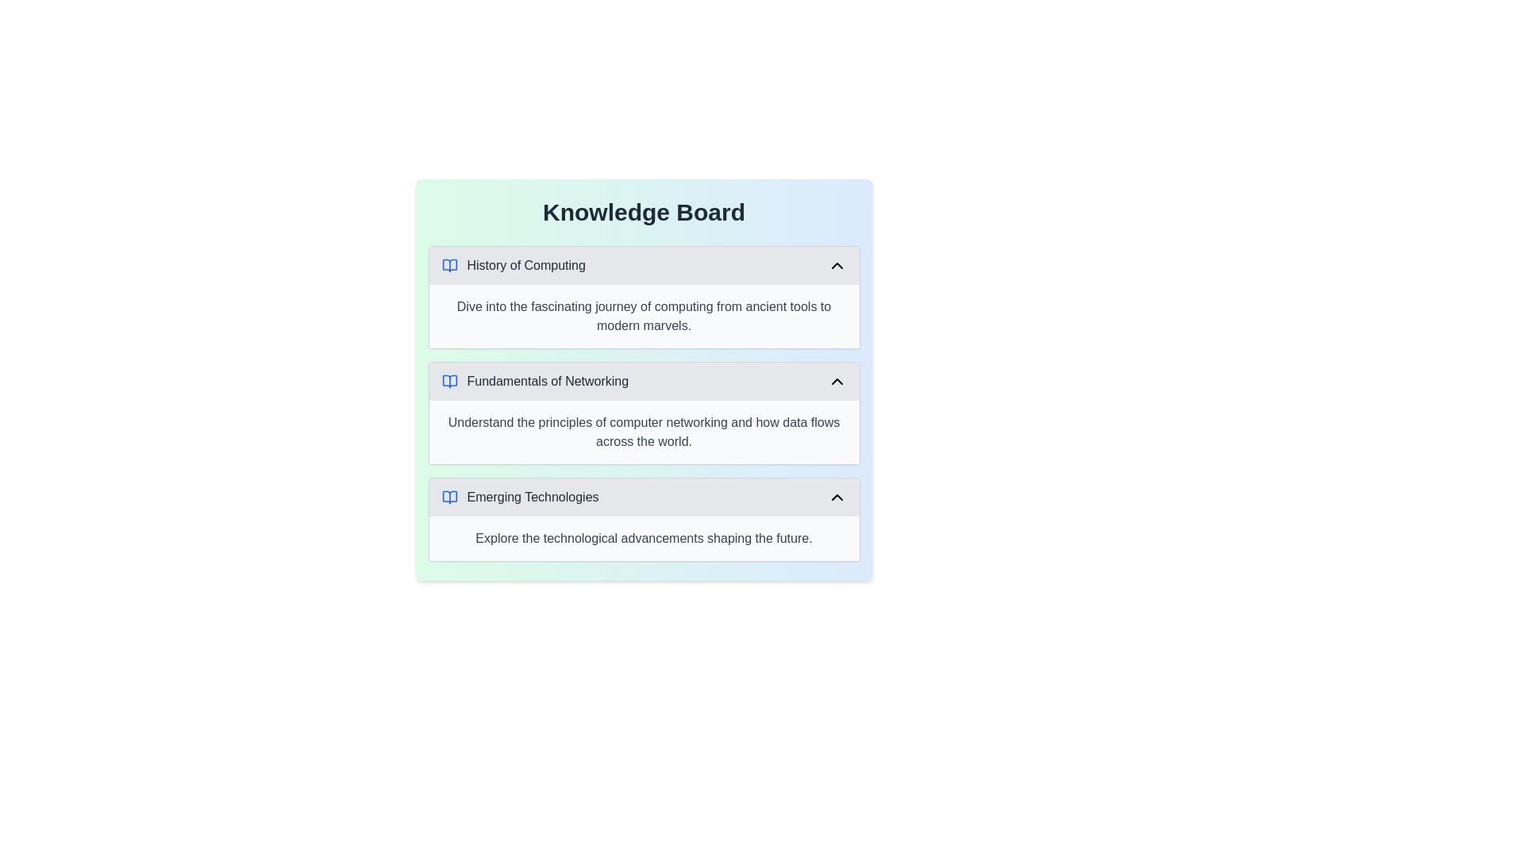  I want to click on the label displaying 'Fundamentals of Networking' which is styled in dark gray and positioned within the second card of a three-card vertical list, so click(535, 382).